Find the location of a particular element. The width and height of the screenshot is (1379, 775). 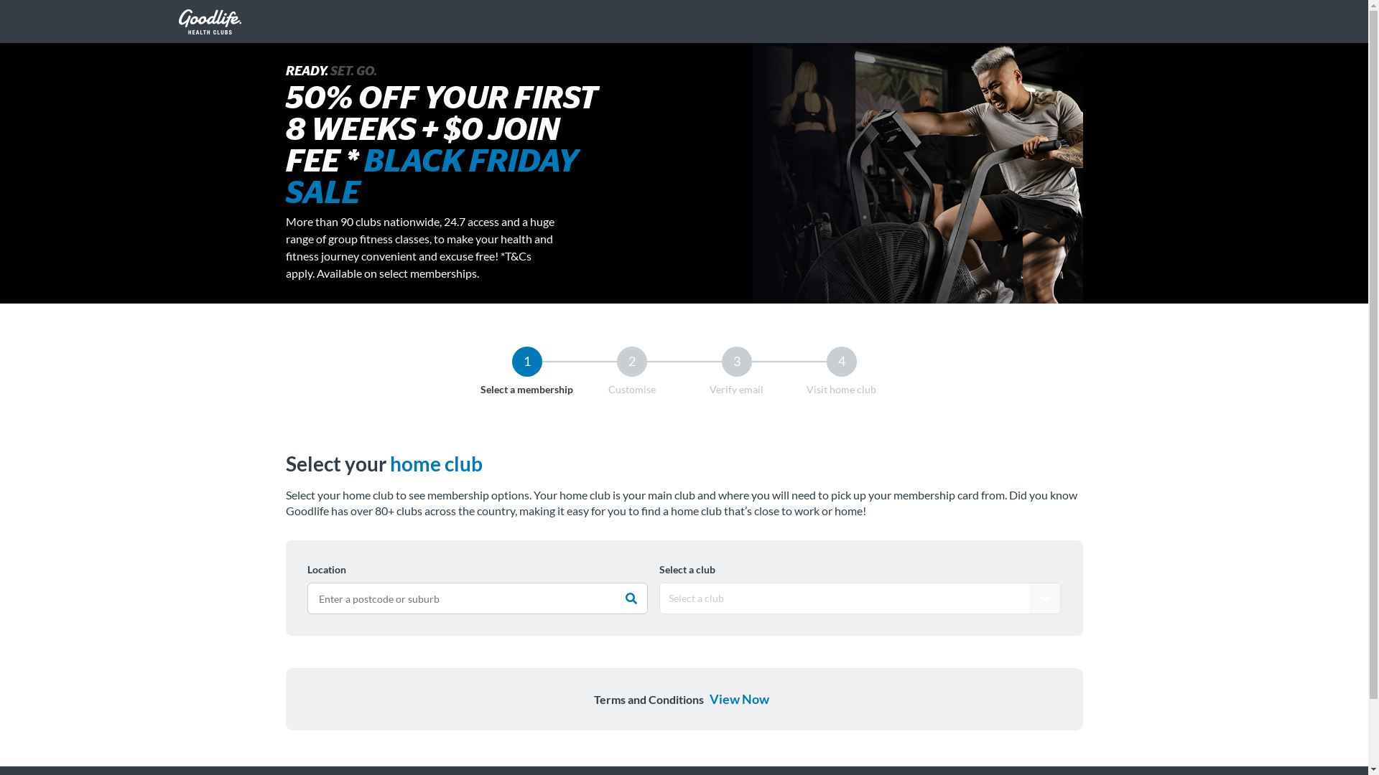

'View Now' is located at coordinates (738, 698).